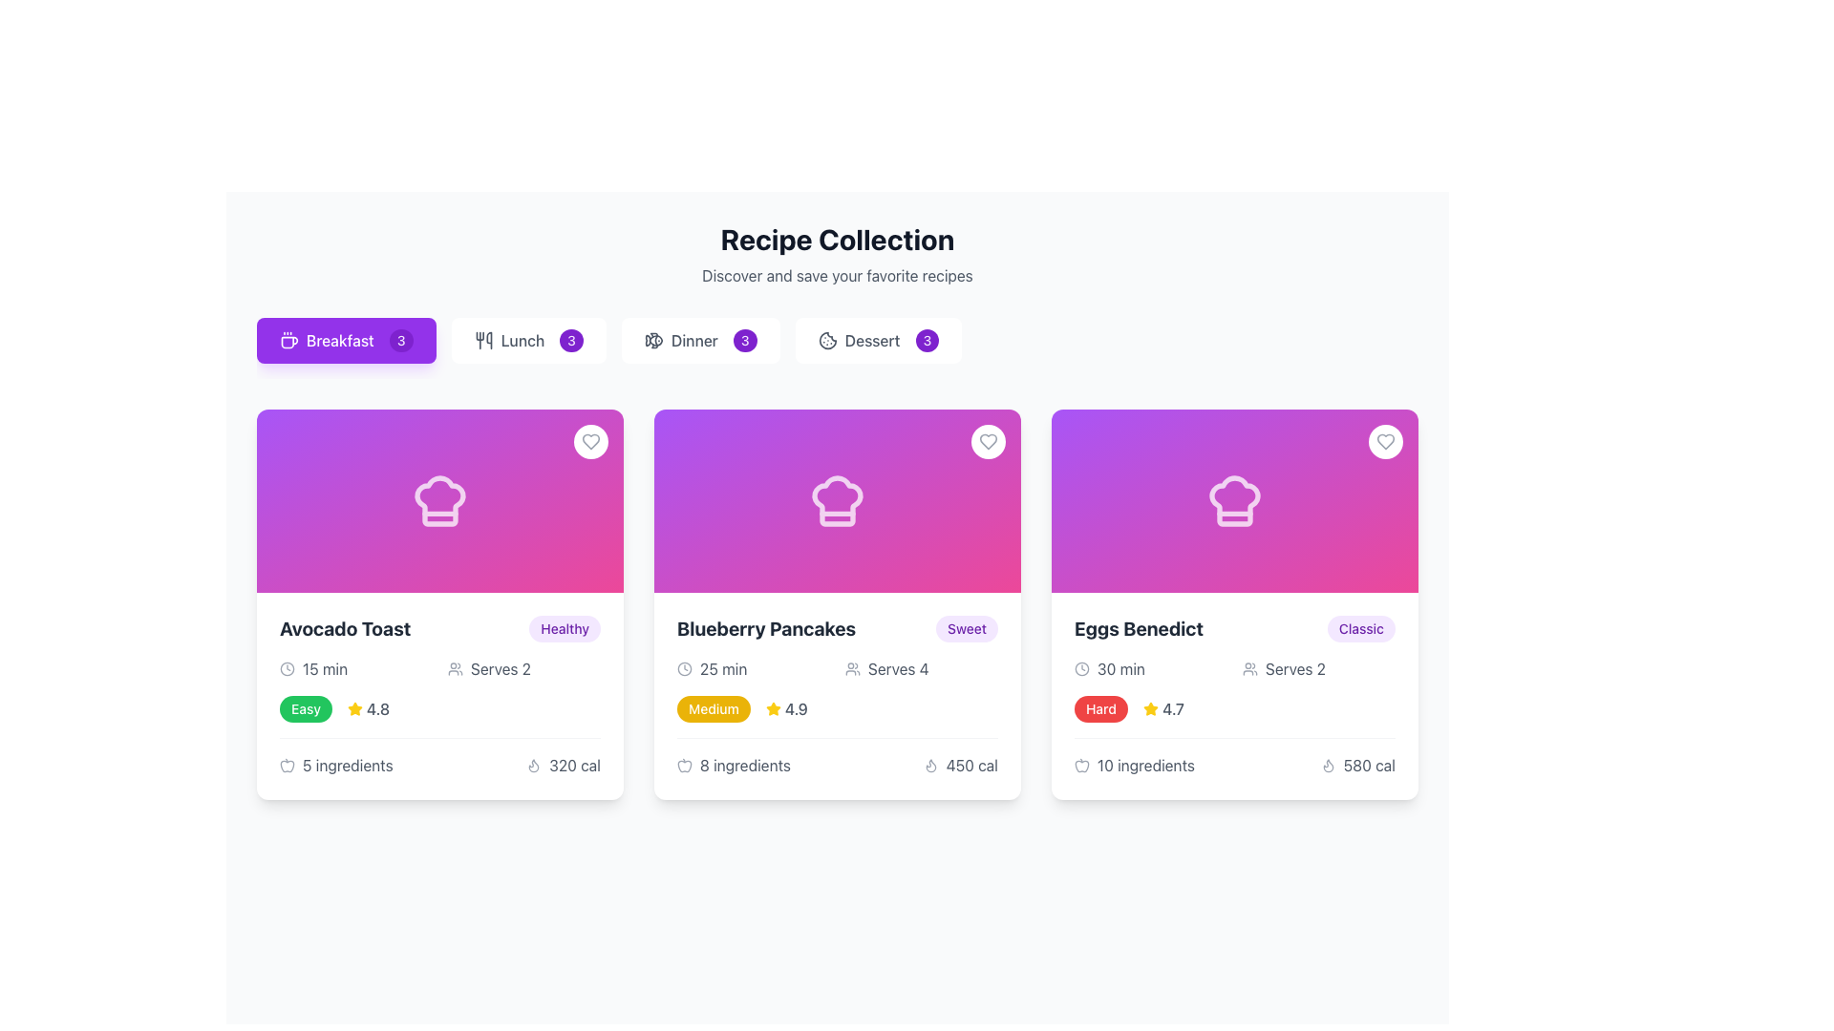  Describe the element at coordinates (1356, 765) in the screenshot. I see `the '580 cal' text and flame icon combination located in the bottom-right corner of the 'Eggs Benedict' card` at that location.